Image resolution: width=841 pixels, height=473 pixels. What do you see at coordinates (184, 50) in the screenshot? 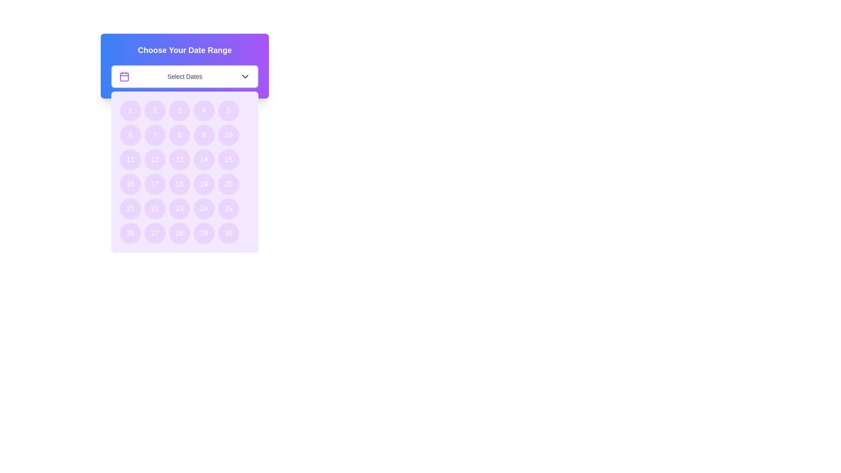
I see `the Text Label that serves as a title for the date picker interface, positioned above the 'Select Dates' section` at bounding box center [184, 50].